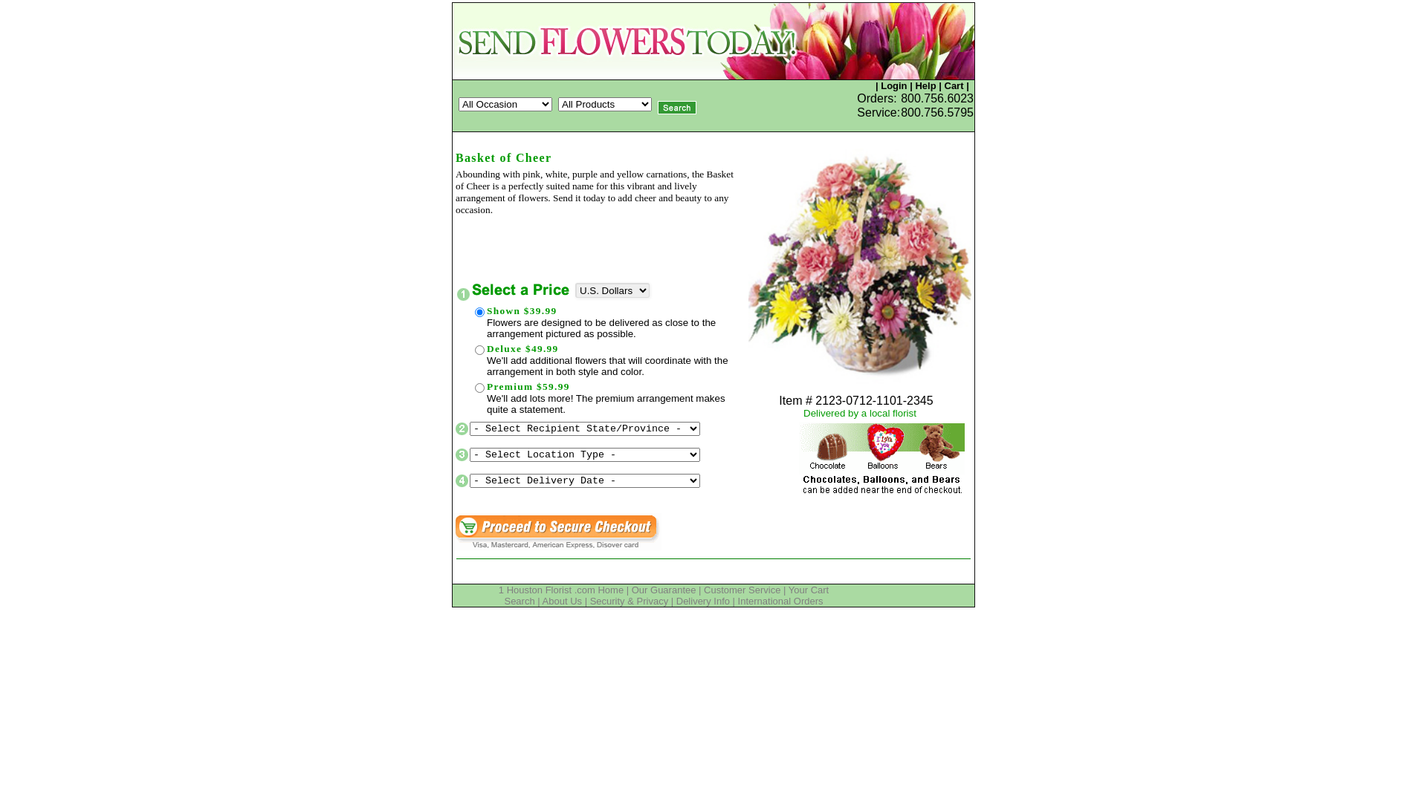  What do you see at coordinates (787, 589) in the screenshot?
I see `'Your Cart'` at bounding box center [787, 589].